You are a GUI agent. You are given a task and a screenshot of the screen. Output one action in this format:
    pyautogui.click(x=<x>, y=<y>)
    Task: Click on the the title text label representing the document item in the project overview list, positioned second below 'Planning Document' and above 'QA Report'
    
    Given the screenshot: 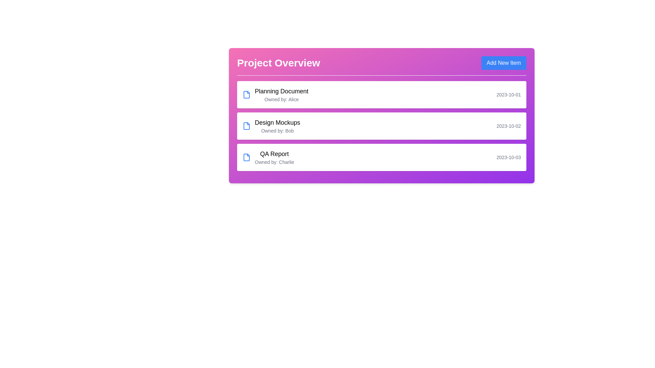 What is the action you would take?
    pyautogui.click(x=277, y=122)
    